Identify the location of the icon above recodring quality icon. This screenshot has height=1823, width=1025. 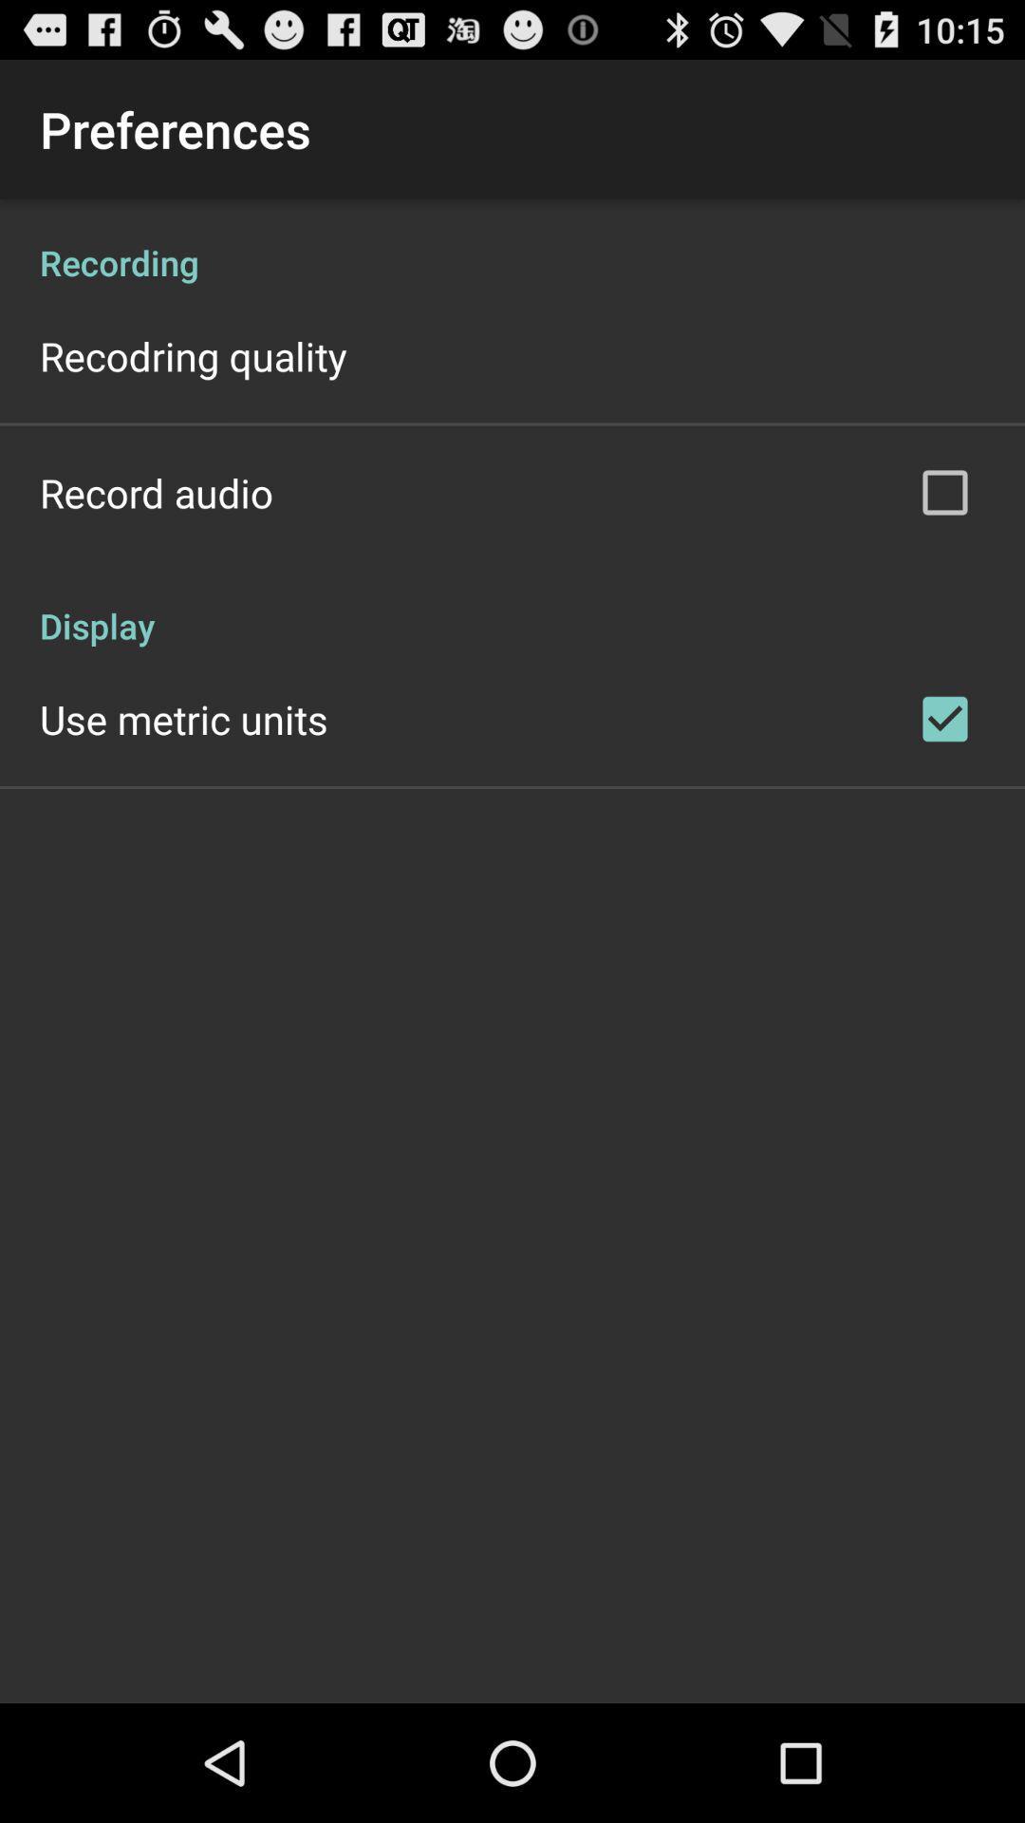
(512, 241).